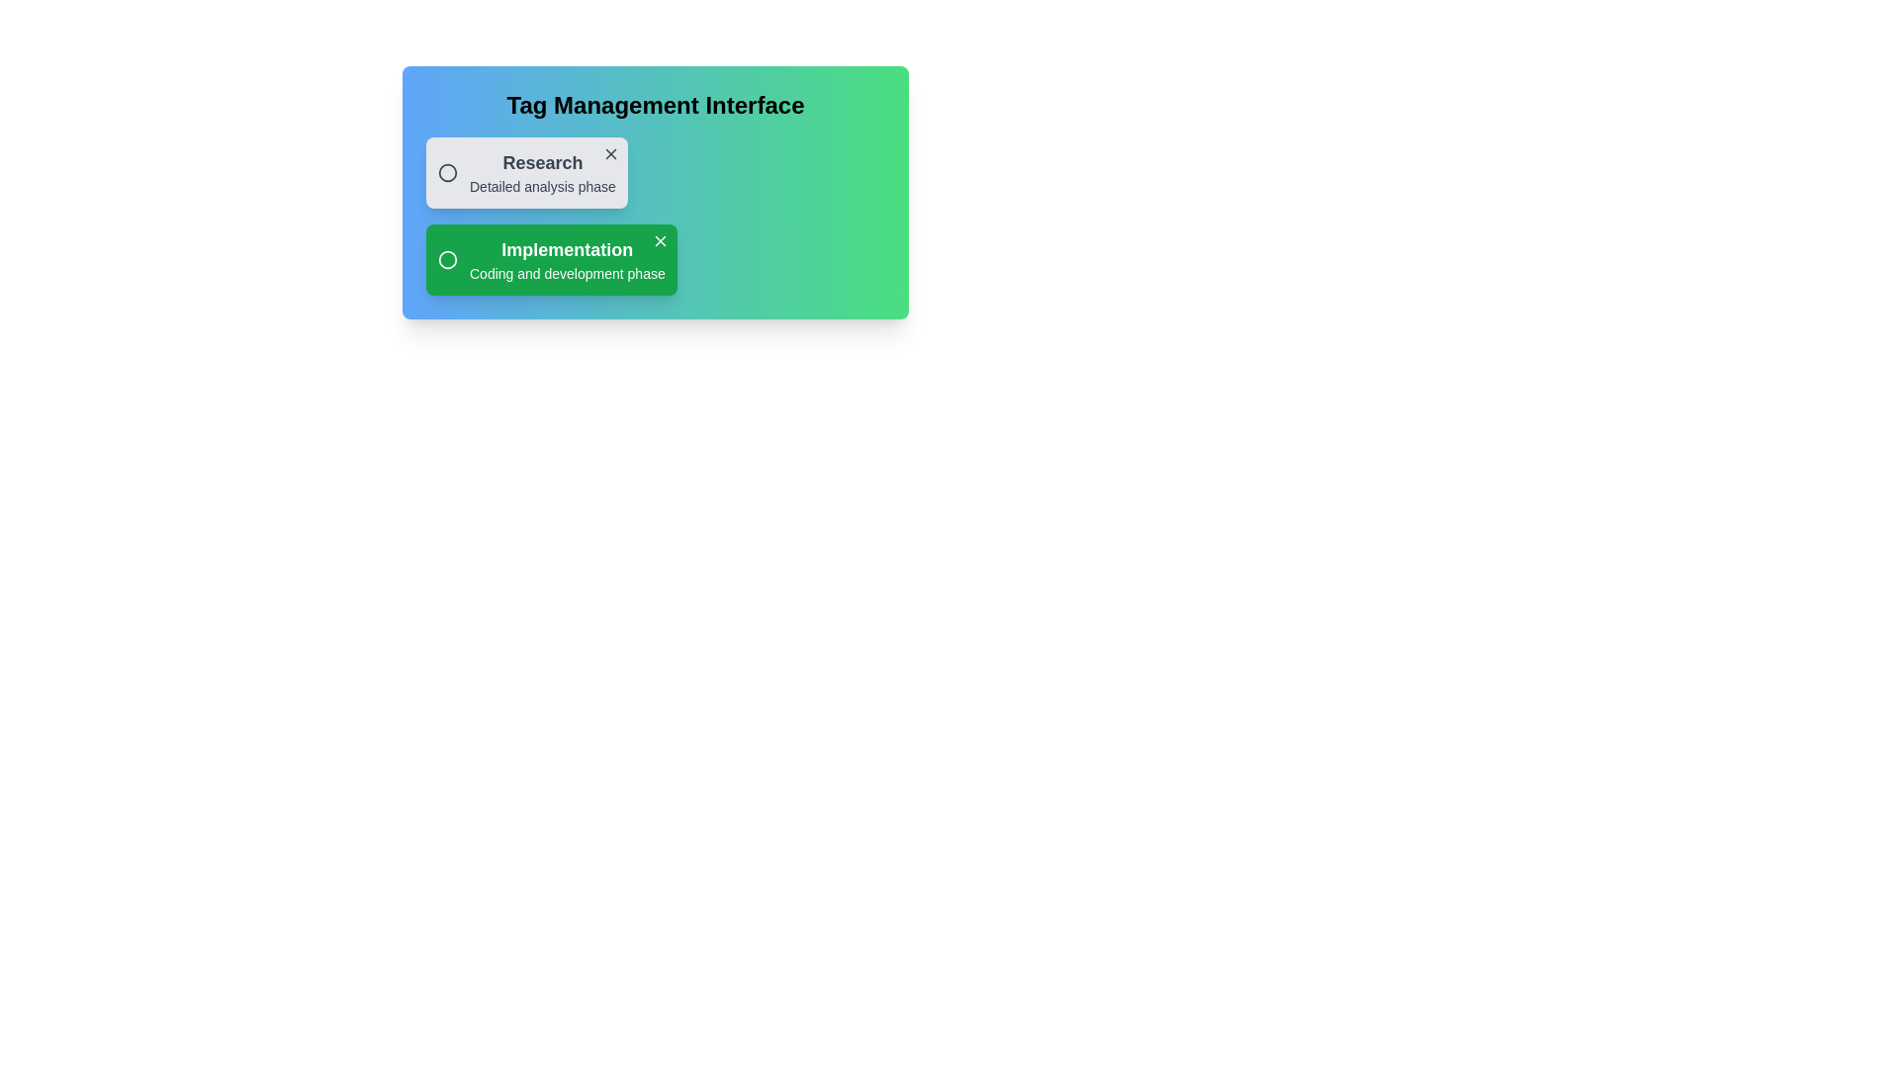 This screenshot has height=1068, width=1899. What do you see at coordinates (660, 239) in the screenshot?
I see `the close (X) button of the tag labeled 'Implementation' to remove it` at bounding box center [660, 239].